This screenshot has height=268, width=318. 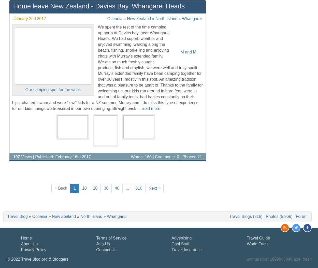 I want to click on 'Contact Us', so click(x=96, y=249).